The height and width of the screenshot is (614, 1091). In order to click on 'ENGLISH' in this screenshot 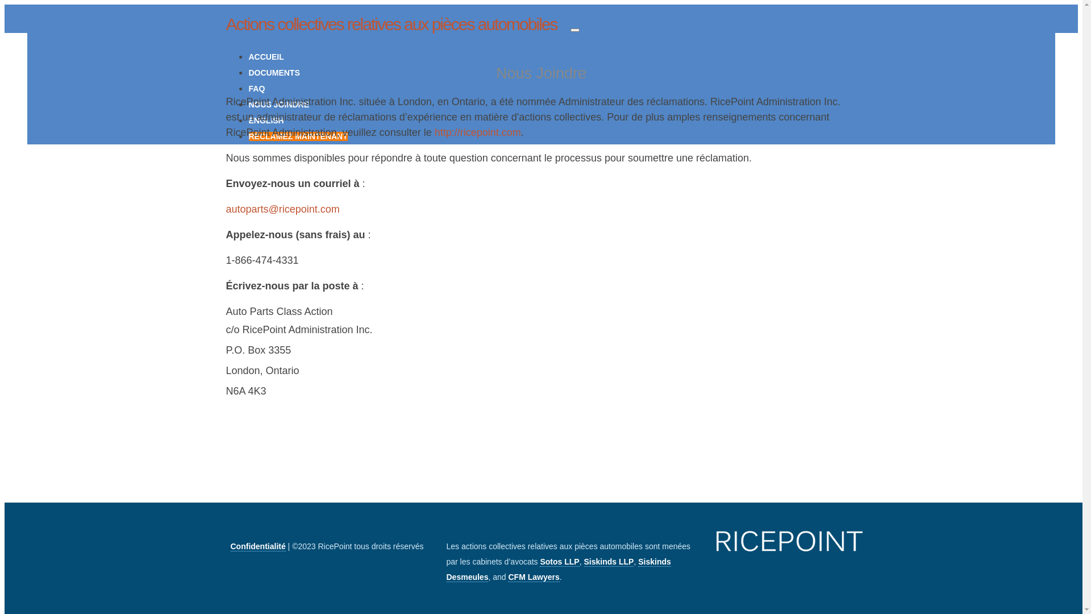, I will do `click(266, 121)`.